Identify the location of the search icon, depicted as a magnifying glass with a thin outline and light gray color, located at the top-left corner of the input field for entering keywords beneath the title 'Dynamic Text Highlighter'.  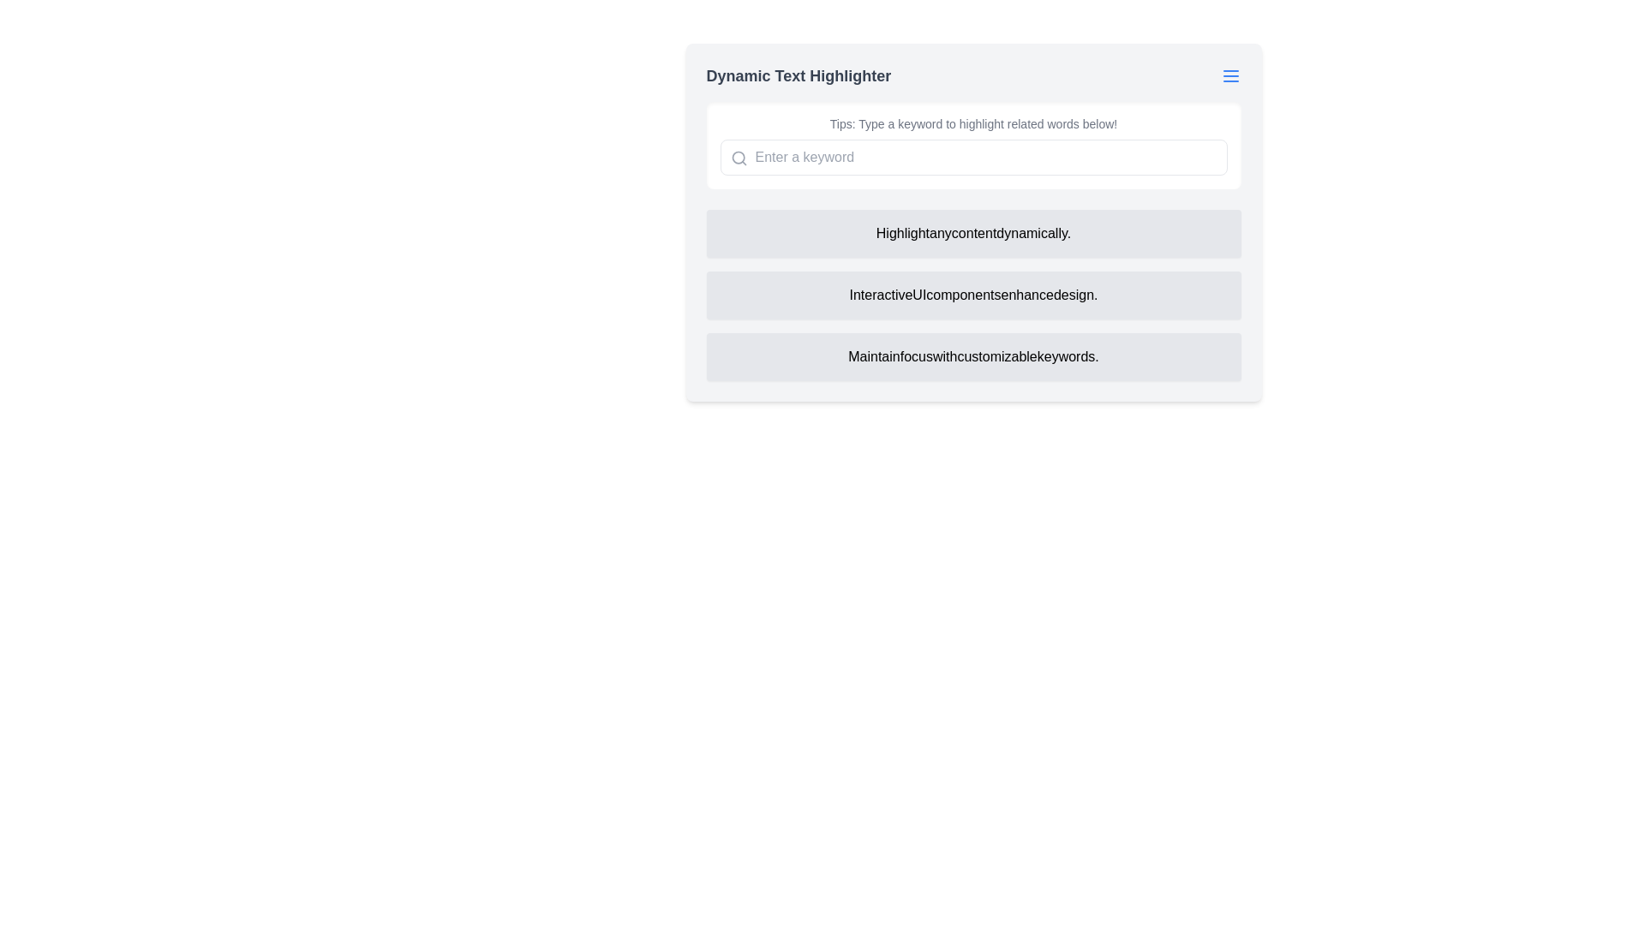
(739, 158).